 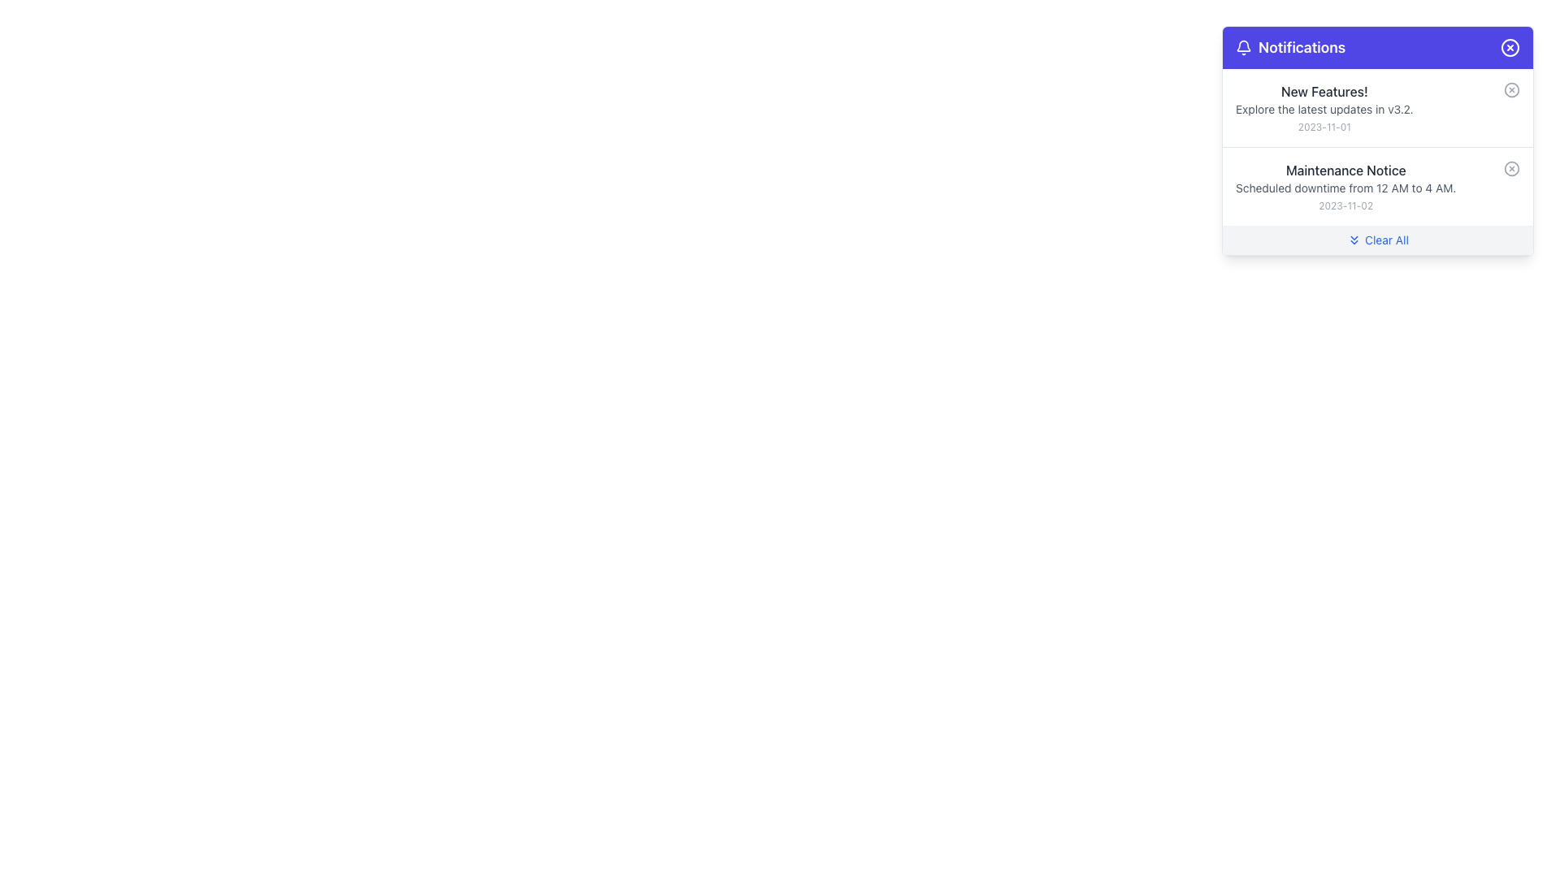 I want to click on the 'Maintenance Notice' text block to emphasize it, which is located in the notification panel as the second notification in the list, so click(x=1345, y=186).